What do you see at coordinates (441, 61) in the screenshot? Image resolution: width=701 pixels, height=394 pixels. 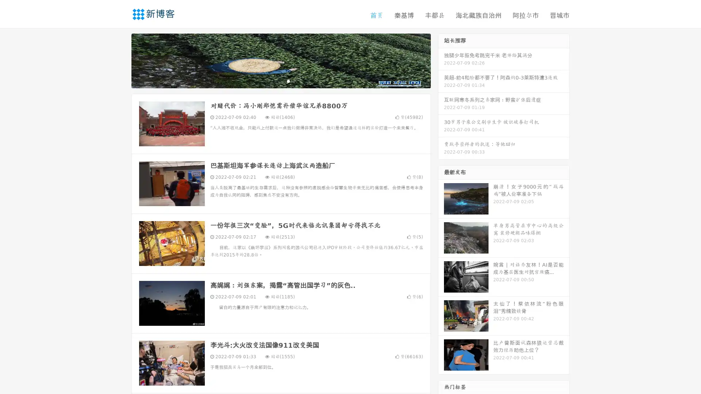 I see `Next slide` at bounding box center [441, 61].